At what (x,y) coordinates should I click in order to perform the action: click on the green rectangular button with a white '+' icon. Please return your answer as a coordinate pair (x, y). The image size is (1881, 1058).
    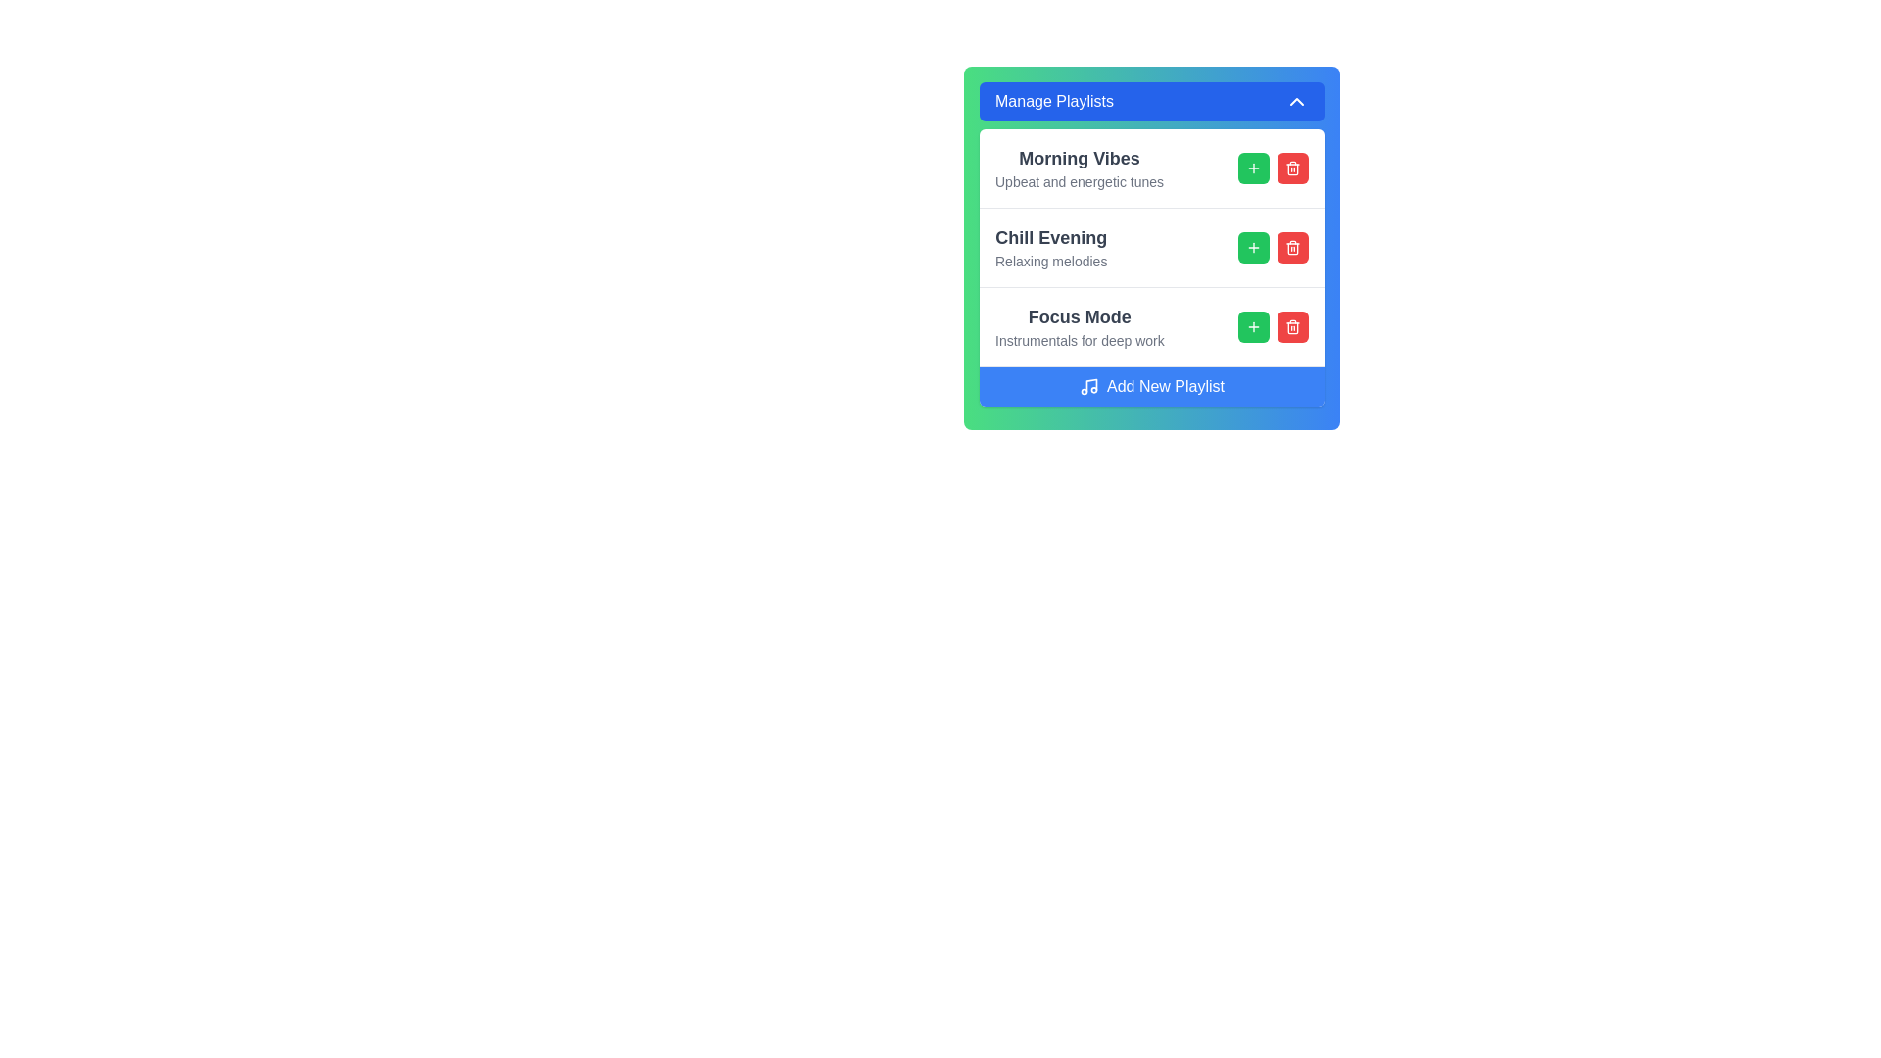
    Looking at the image, I should click on (1254, 326).